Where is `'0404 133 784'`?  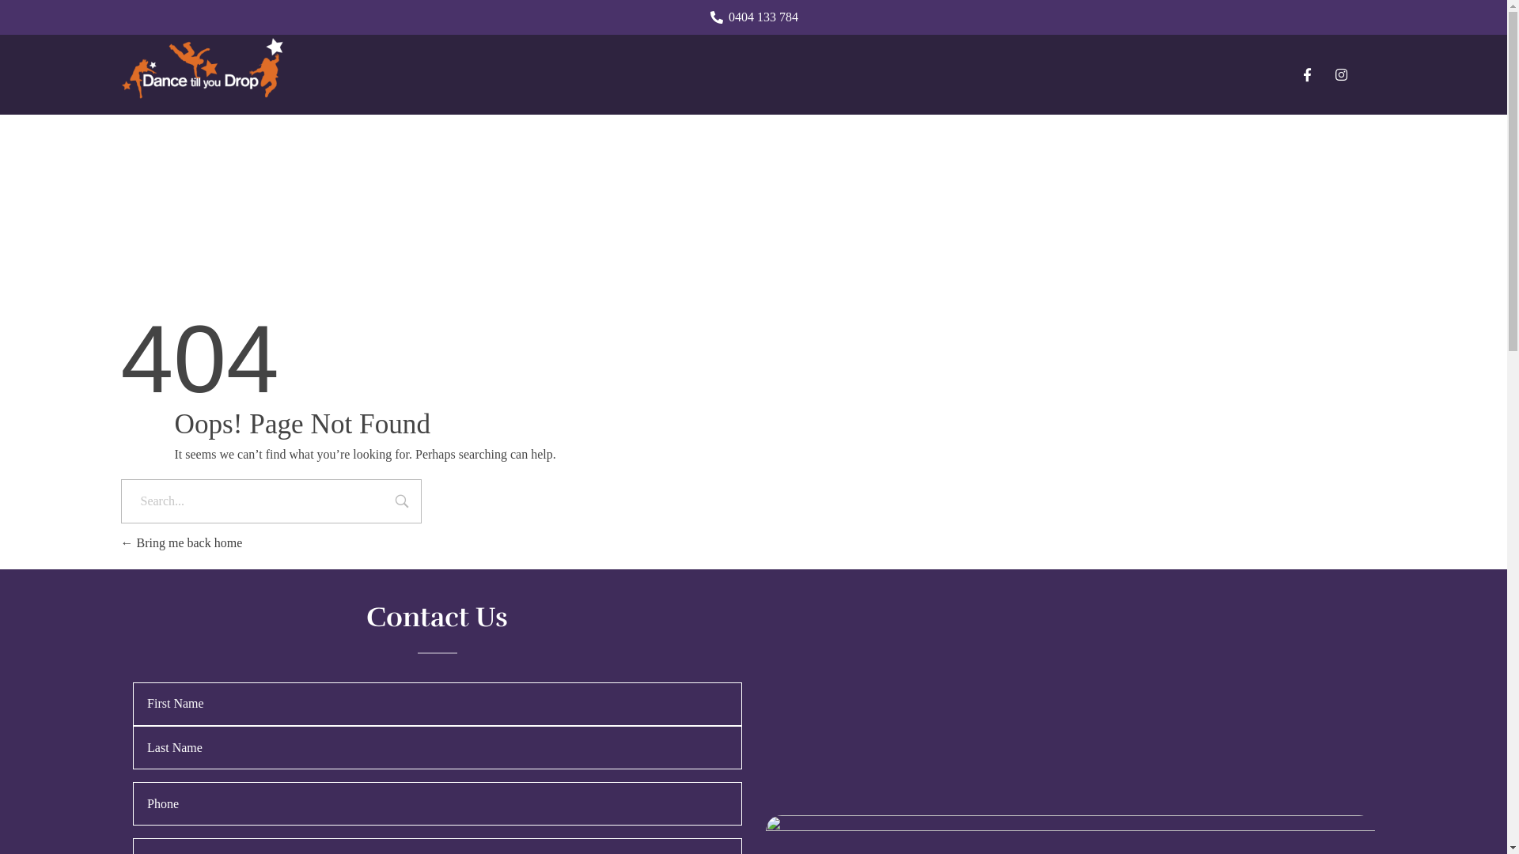 '0404 133 784' is located at coordinates (752, 17).